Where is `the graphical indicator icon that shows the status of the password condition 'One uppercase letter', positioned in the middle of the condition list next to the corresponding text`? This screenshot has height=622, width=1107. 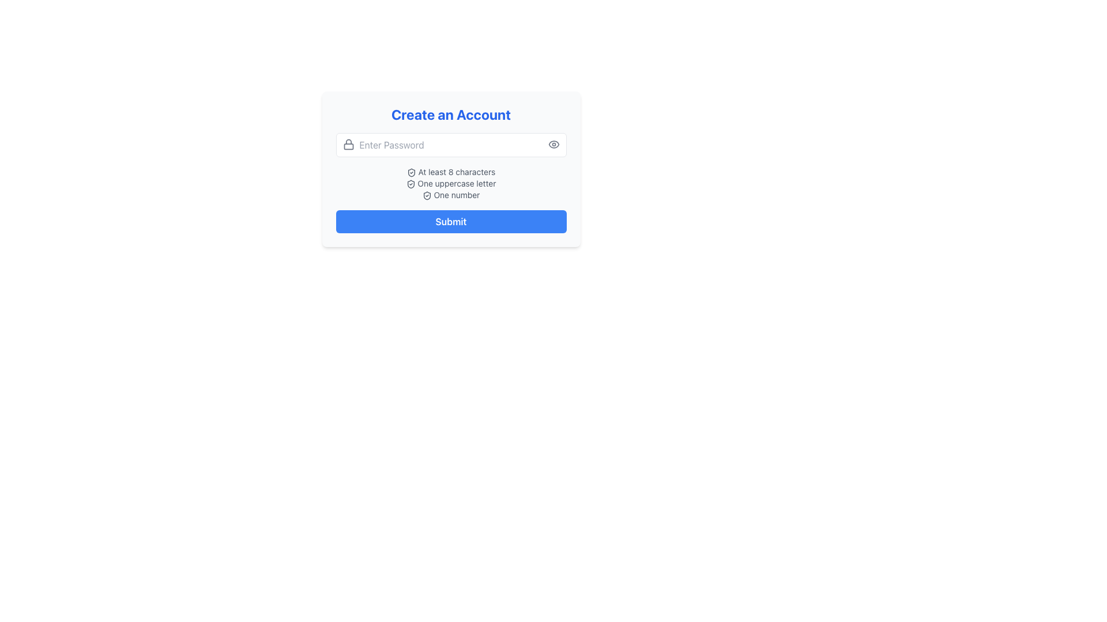
the graphical indicator icon that shows the status of the password condition 'One uppercase letter', positioned in the middle of the condition list next to the corresponding text is located at coordinates (411, 184).